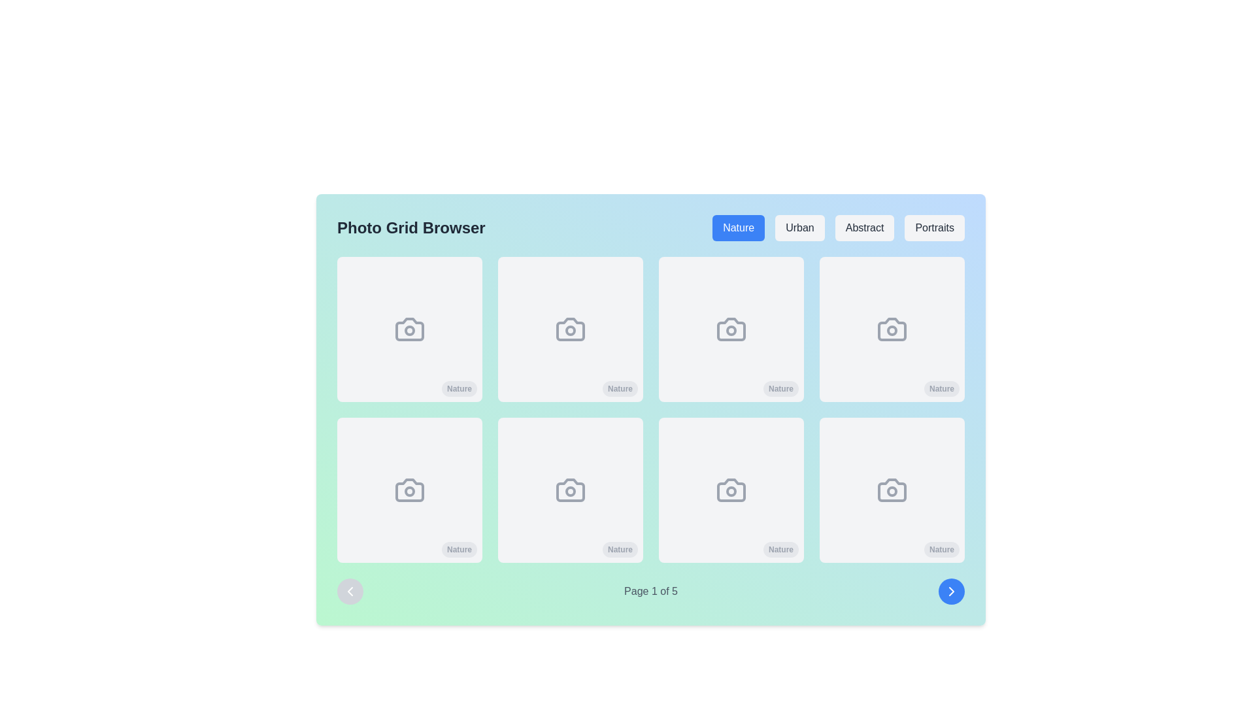 This screenshot has height=706, width=1255. What do you see at coordinates (730, 329) in the screenshot?
I see `the camera icon within the 'Nature' tile, which is styled with a minimalist outline and a subdued grey color, located in the second row and third column of the grid layout` at bounding box center [730, 329].